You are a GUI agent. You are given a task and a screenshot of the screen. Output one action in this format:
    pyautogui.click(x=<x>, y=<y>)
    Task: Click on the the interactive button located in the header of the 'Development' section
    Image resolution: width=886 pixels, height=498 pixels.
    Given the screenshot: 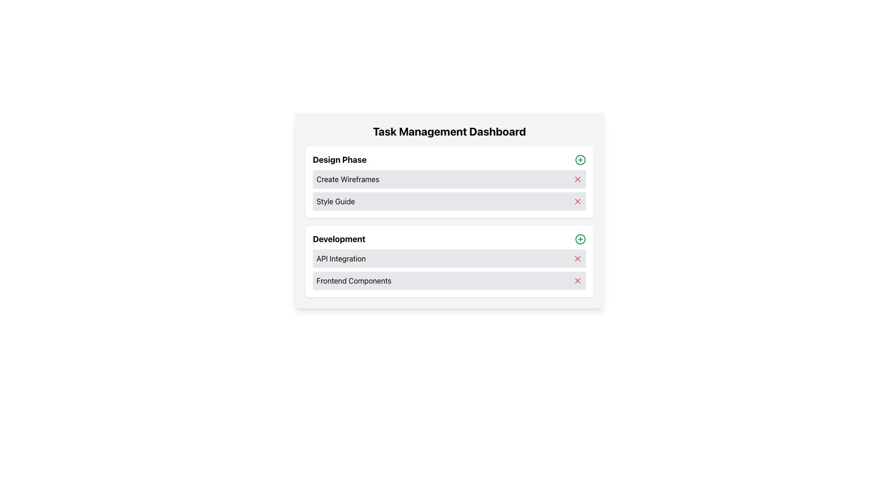 What is the action you would take?
    pyautogui.click(x=580, y=239)
    